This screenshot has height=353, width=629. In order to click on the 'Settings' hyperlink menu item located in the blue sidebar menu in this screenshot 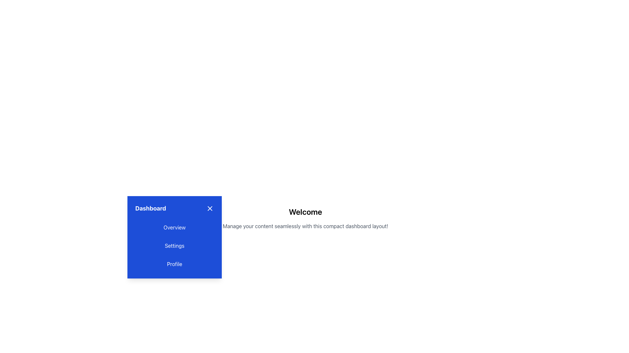, I will do `click(174, 246)`.